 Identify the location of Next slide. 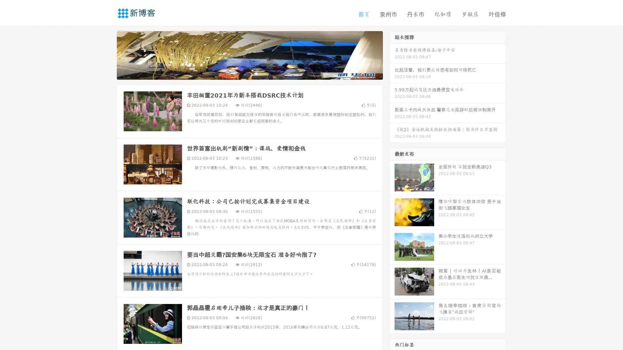
(392, 54).